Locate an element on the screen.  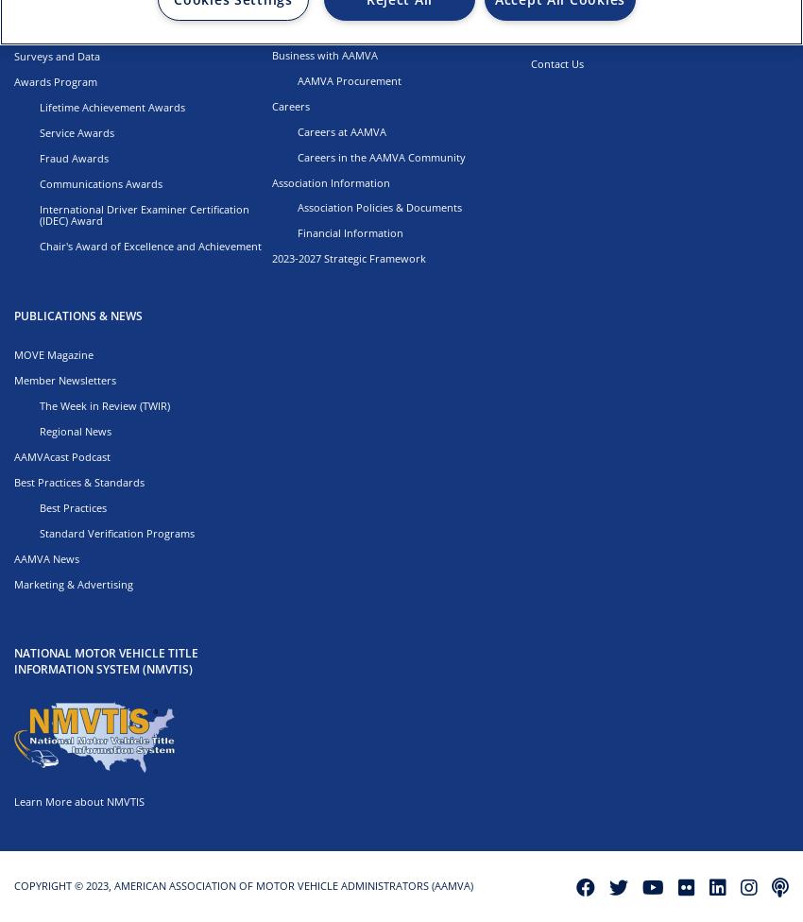
'Staff Executive Leadership Team' is located at coordinates (376, 28).